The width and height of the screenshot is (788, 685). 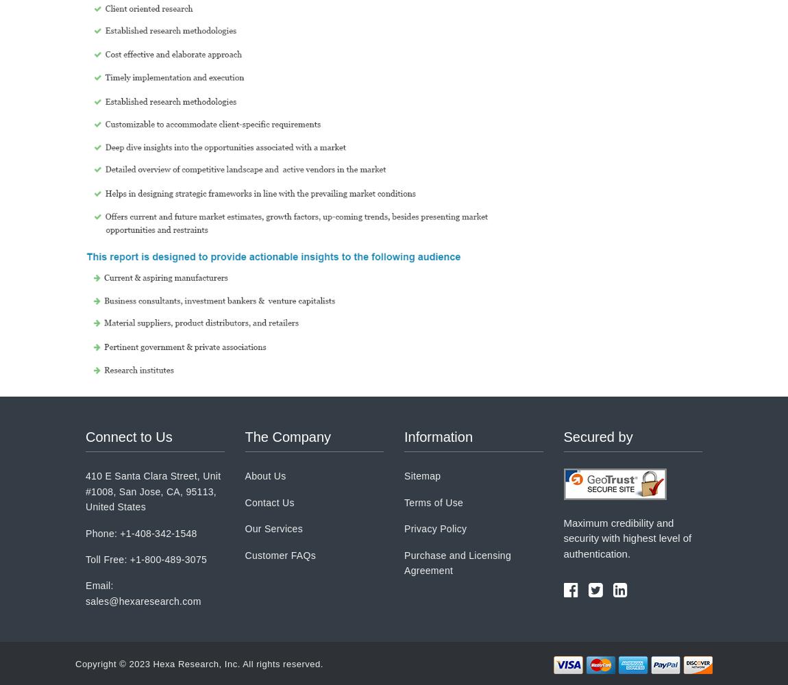 What do you see at coordinates (598, 437) in the screenshot?
I see `'Secured by'` at bounding box center [598, 437].